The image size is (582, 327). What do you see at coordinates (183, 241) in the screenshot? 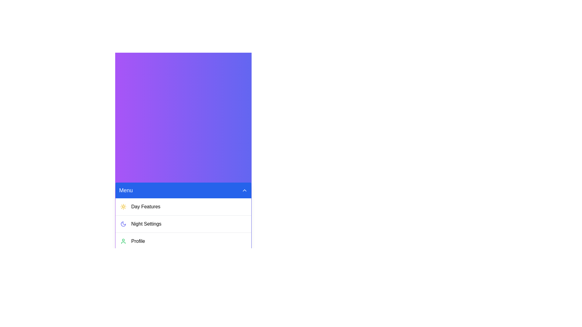
I see `the 'Profile' menu item` at bounding box center [183, 241].